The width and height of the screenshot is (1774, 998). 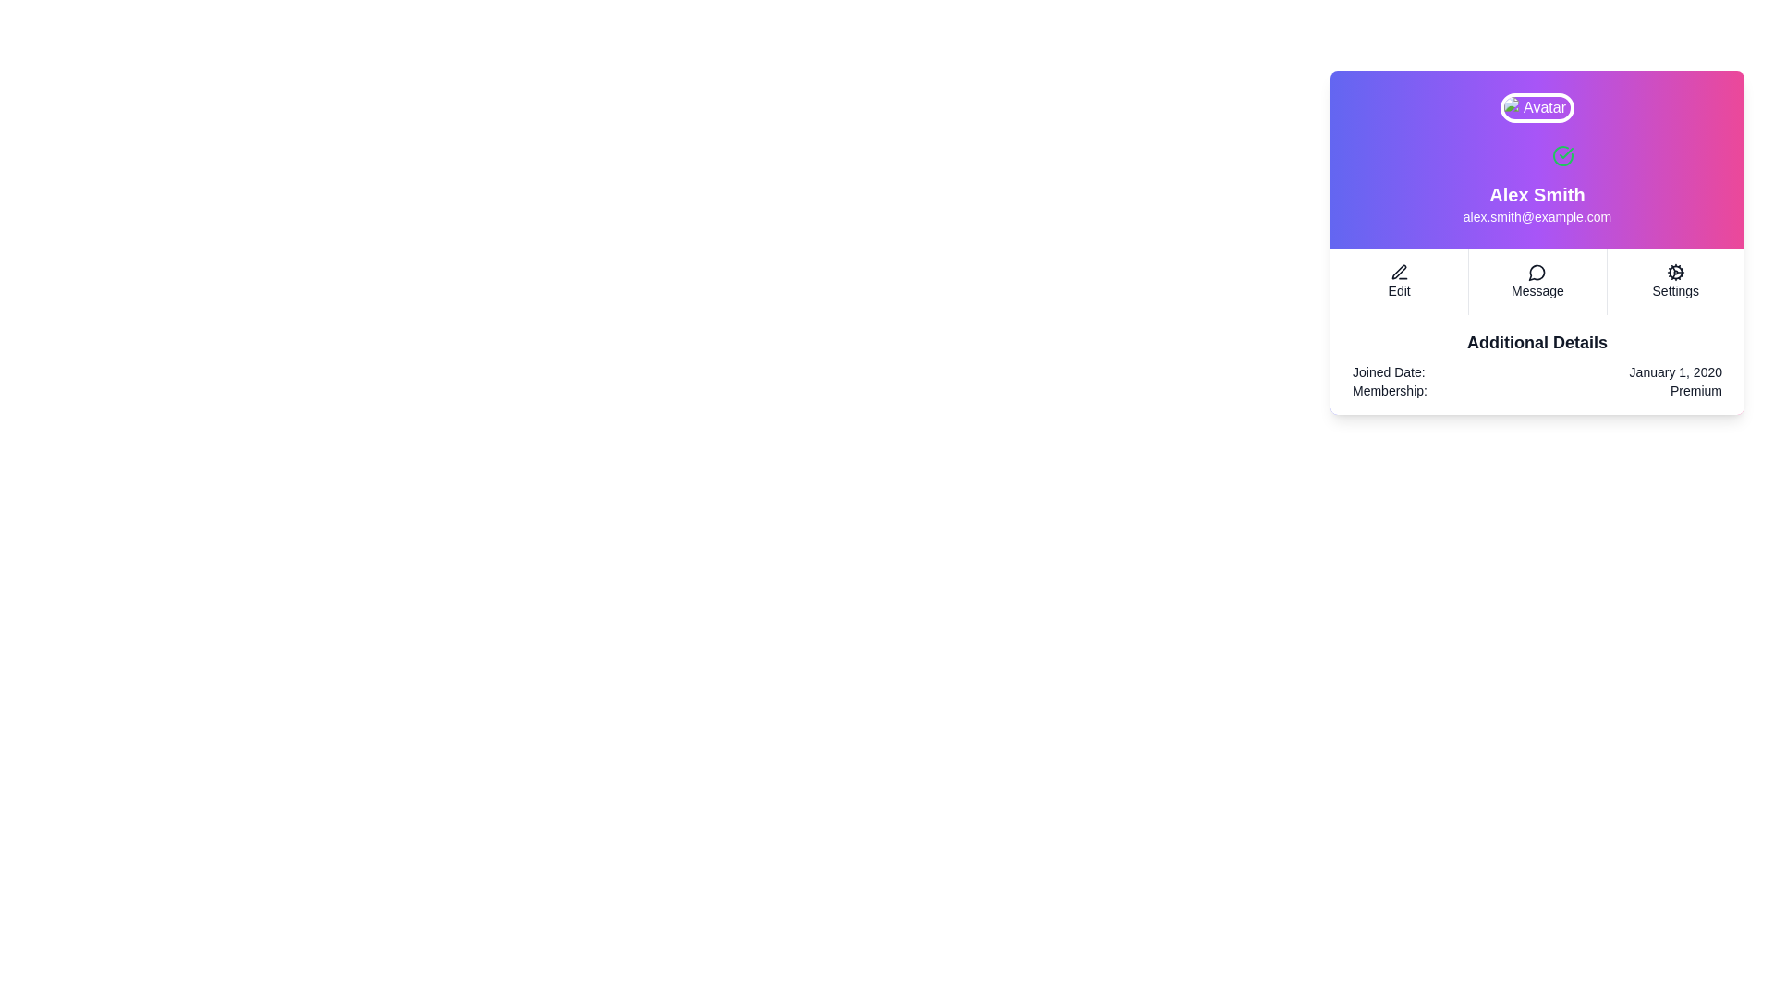 I want to click on the 'Edit' IconButton located at the leftmost position of the middle row on the card layout, so click(x=1399, y=272).